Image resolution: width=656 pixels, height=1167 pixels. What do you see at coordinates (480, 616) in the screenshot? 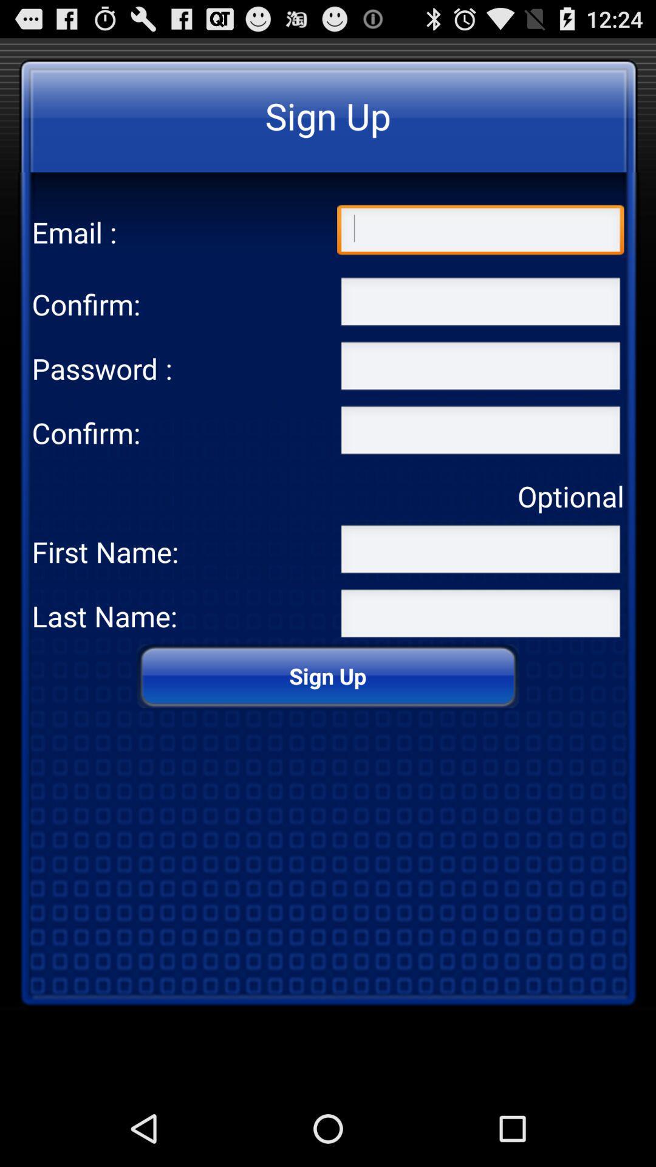
I see `text in the last name field` at bounding box center [480, 616].